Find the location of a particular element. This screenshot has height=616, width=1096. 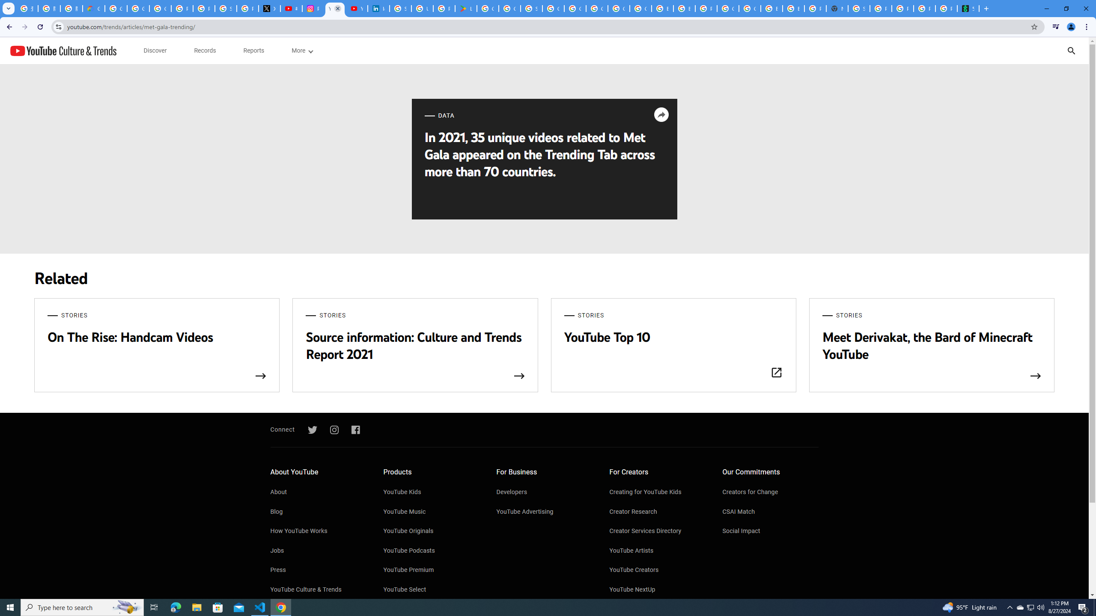

'Privacy Checkup' is located at coordinates (924, 8).